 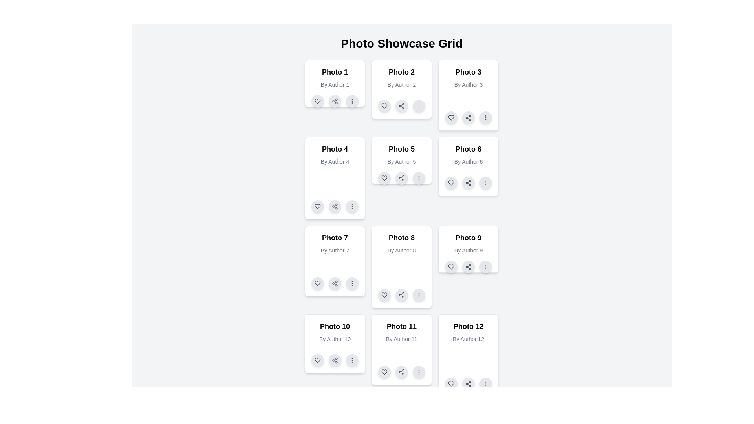 What do you see at coordinates (318, 101) in the screenshot?
I see `the leftmost button in the group of three interactive elements below the 'Photo 1' card` at bounding box center [318, 101].